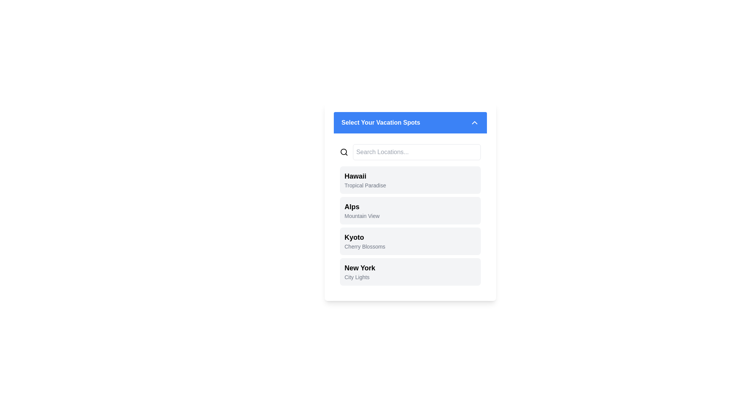  What do you see at coordinates (410, 202) in the screenshot?
I see `the second list item representing the 'Alps' vacation spot with the description 'Mountain View'` at bounding box center [410, 202].